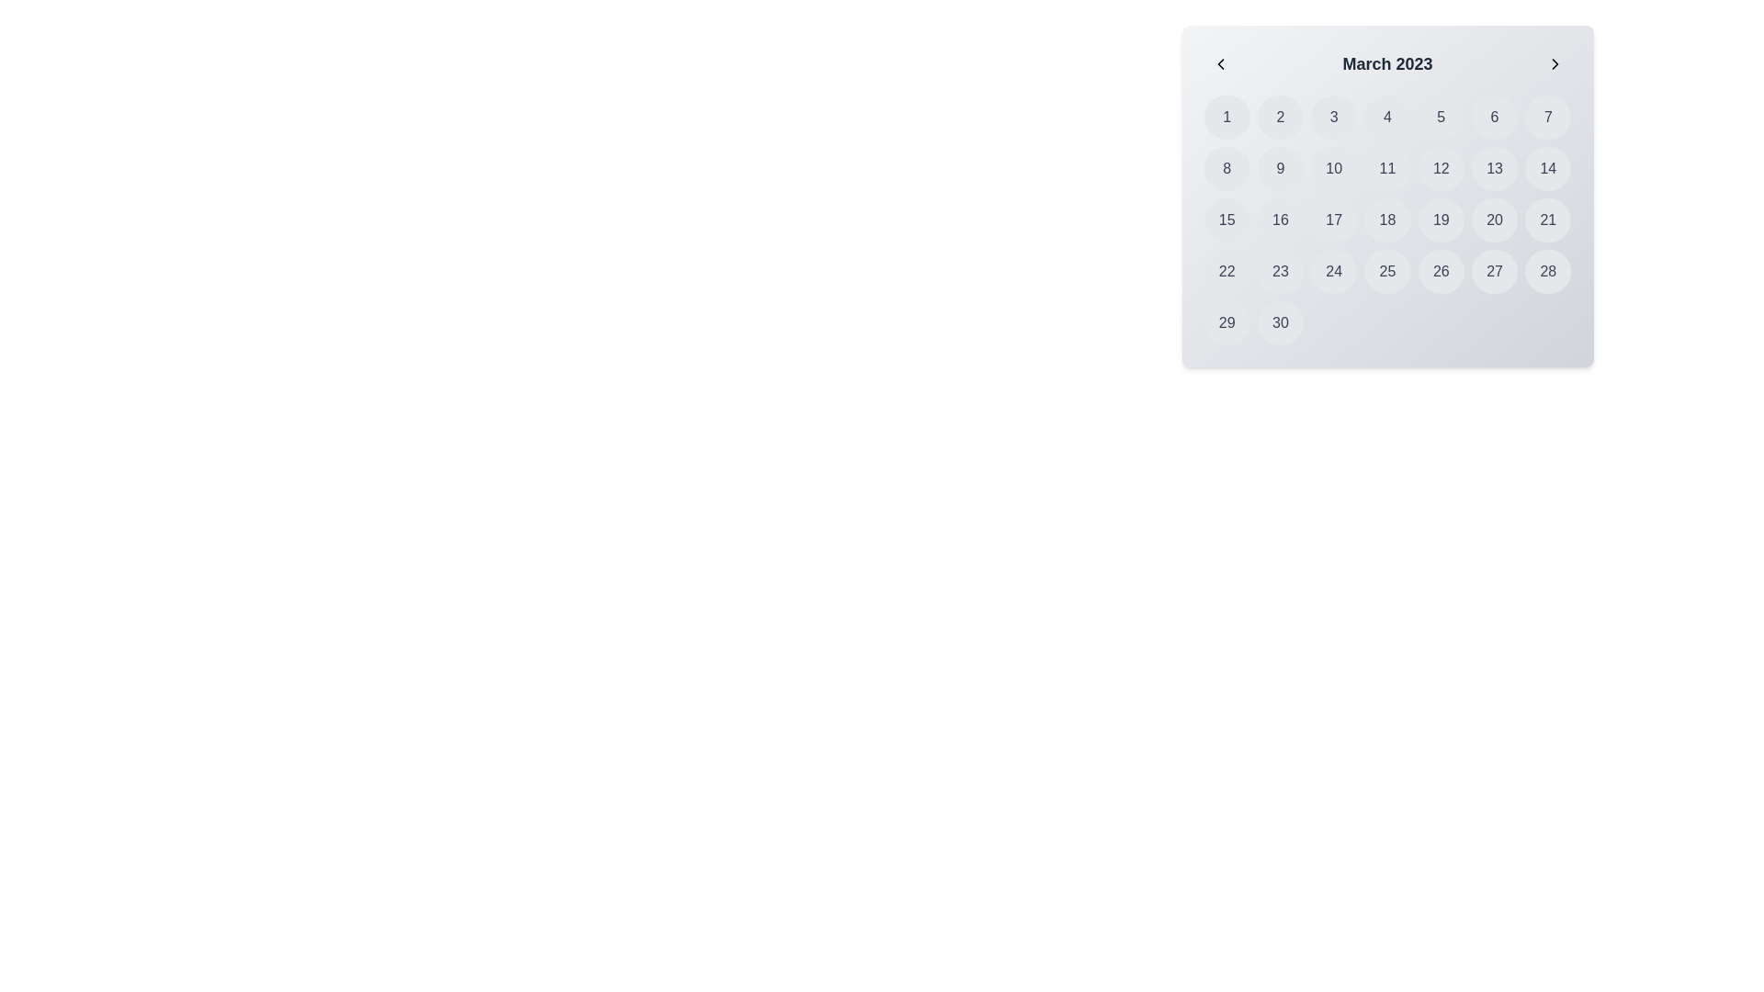 This screenshot has width=1764, height=992. Describe the element at coordinates (1387, 169) in the screenshot. I see `the button representing a selectable day in the calendar view located in the second row and fourth column` at that location.